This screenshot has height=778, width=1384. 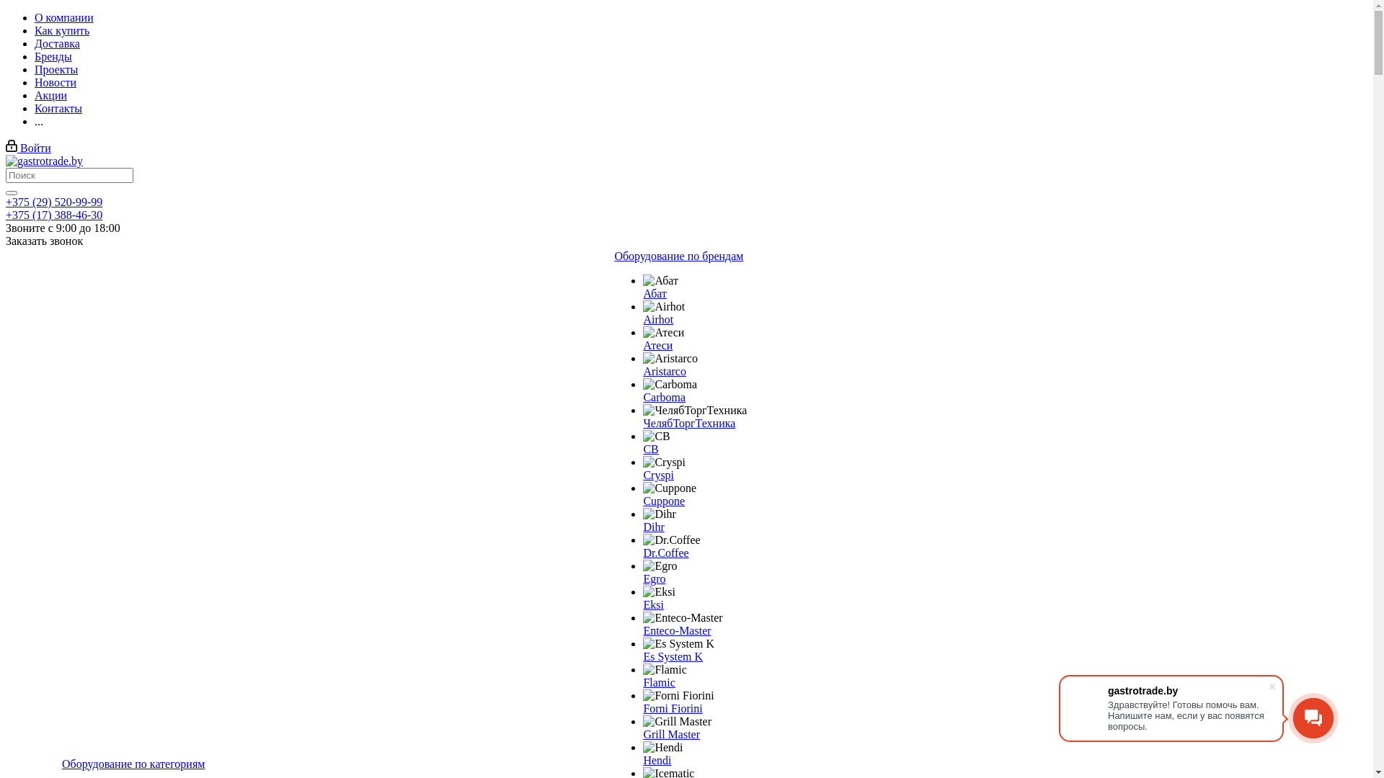 I want to click on '+375 (17) 388-46-30', so click(x=6, y=215).